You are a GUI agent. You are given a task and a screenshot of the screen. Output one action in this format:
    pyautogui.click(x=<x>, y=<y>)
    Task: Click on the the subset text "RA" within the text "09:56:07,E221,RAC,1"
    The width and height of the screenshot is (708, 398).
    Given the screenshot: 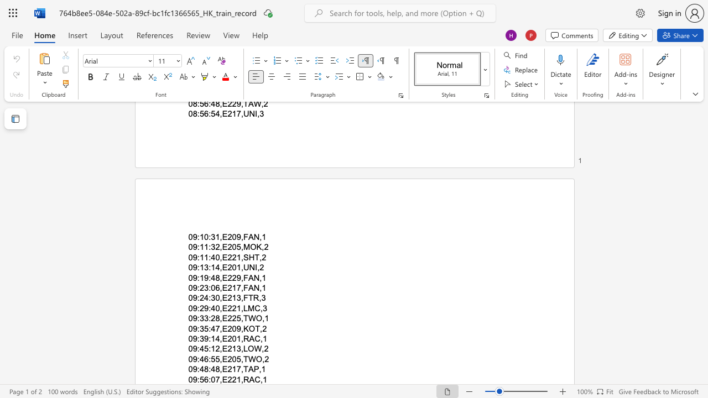 What is the action you would take?
    pyautogui.click(x=242, y=379)
    